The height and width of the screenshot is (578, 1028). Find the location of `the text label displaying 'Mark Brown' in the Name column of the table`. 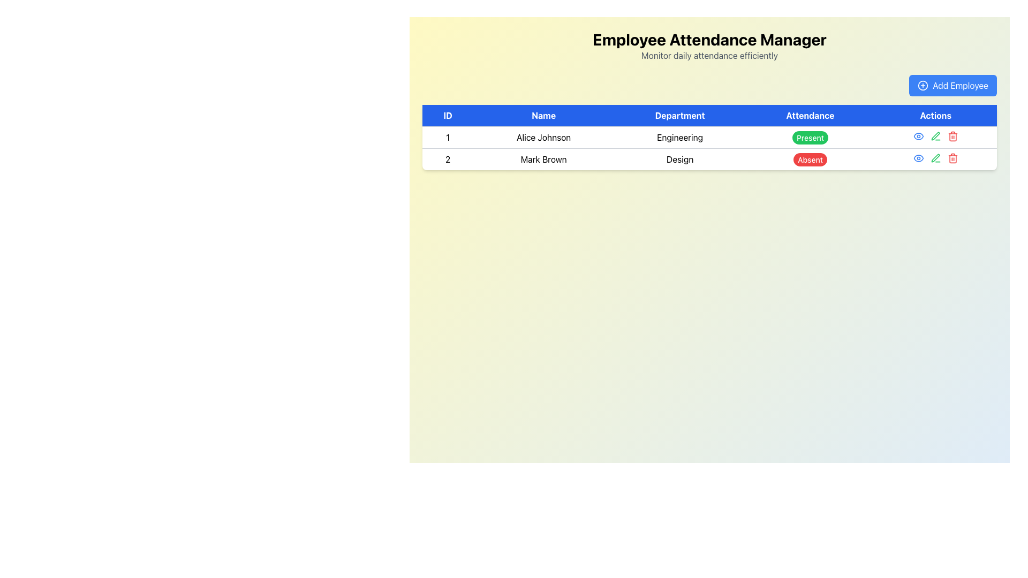

the text label displaying 'Mark Brown' in the Name column of the table is located at coordinates (543, 159).